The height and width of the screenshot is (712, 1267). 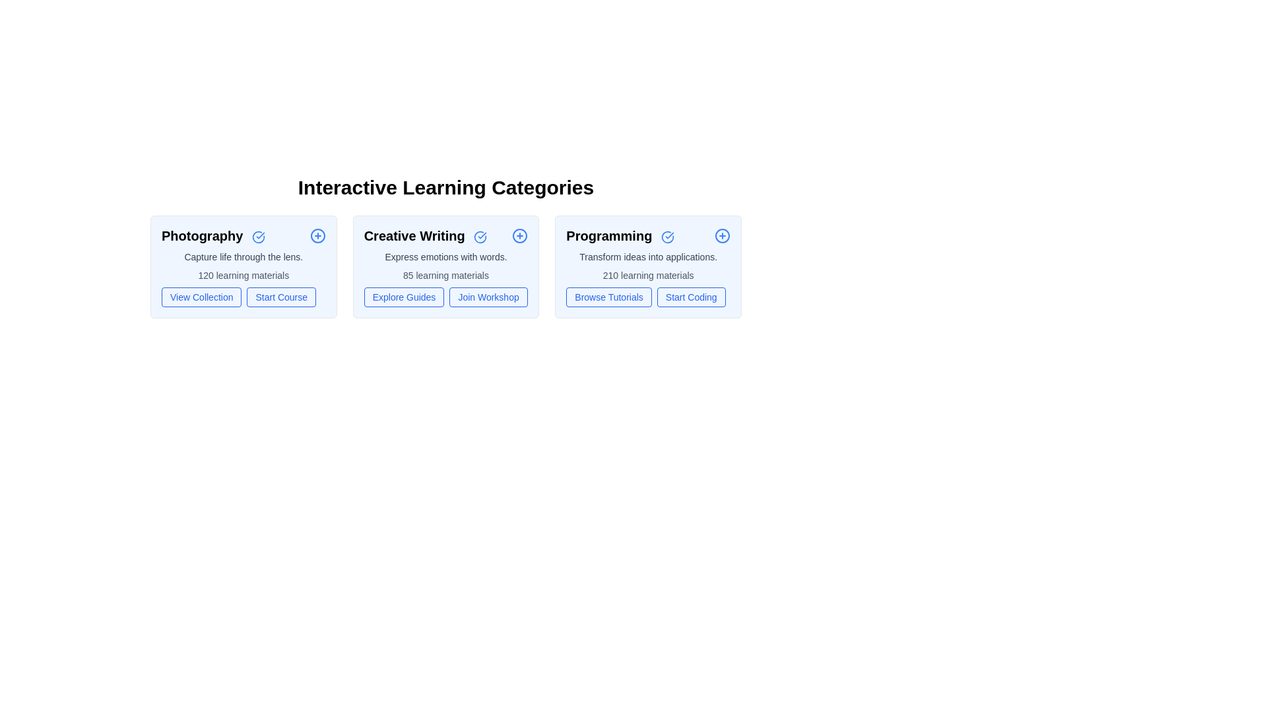 What do you see at coordinates (258, 236) in the screenshot?
I see `the 'CheckCircle' icon in the 'Photography' category to observe the hover effect` at bounding box center [258, 236].